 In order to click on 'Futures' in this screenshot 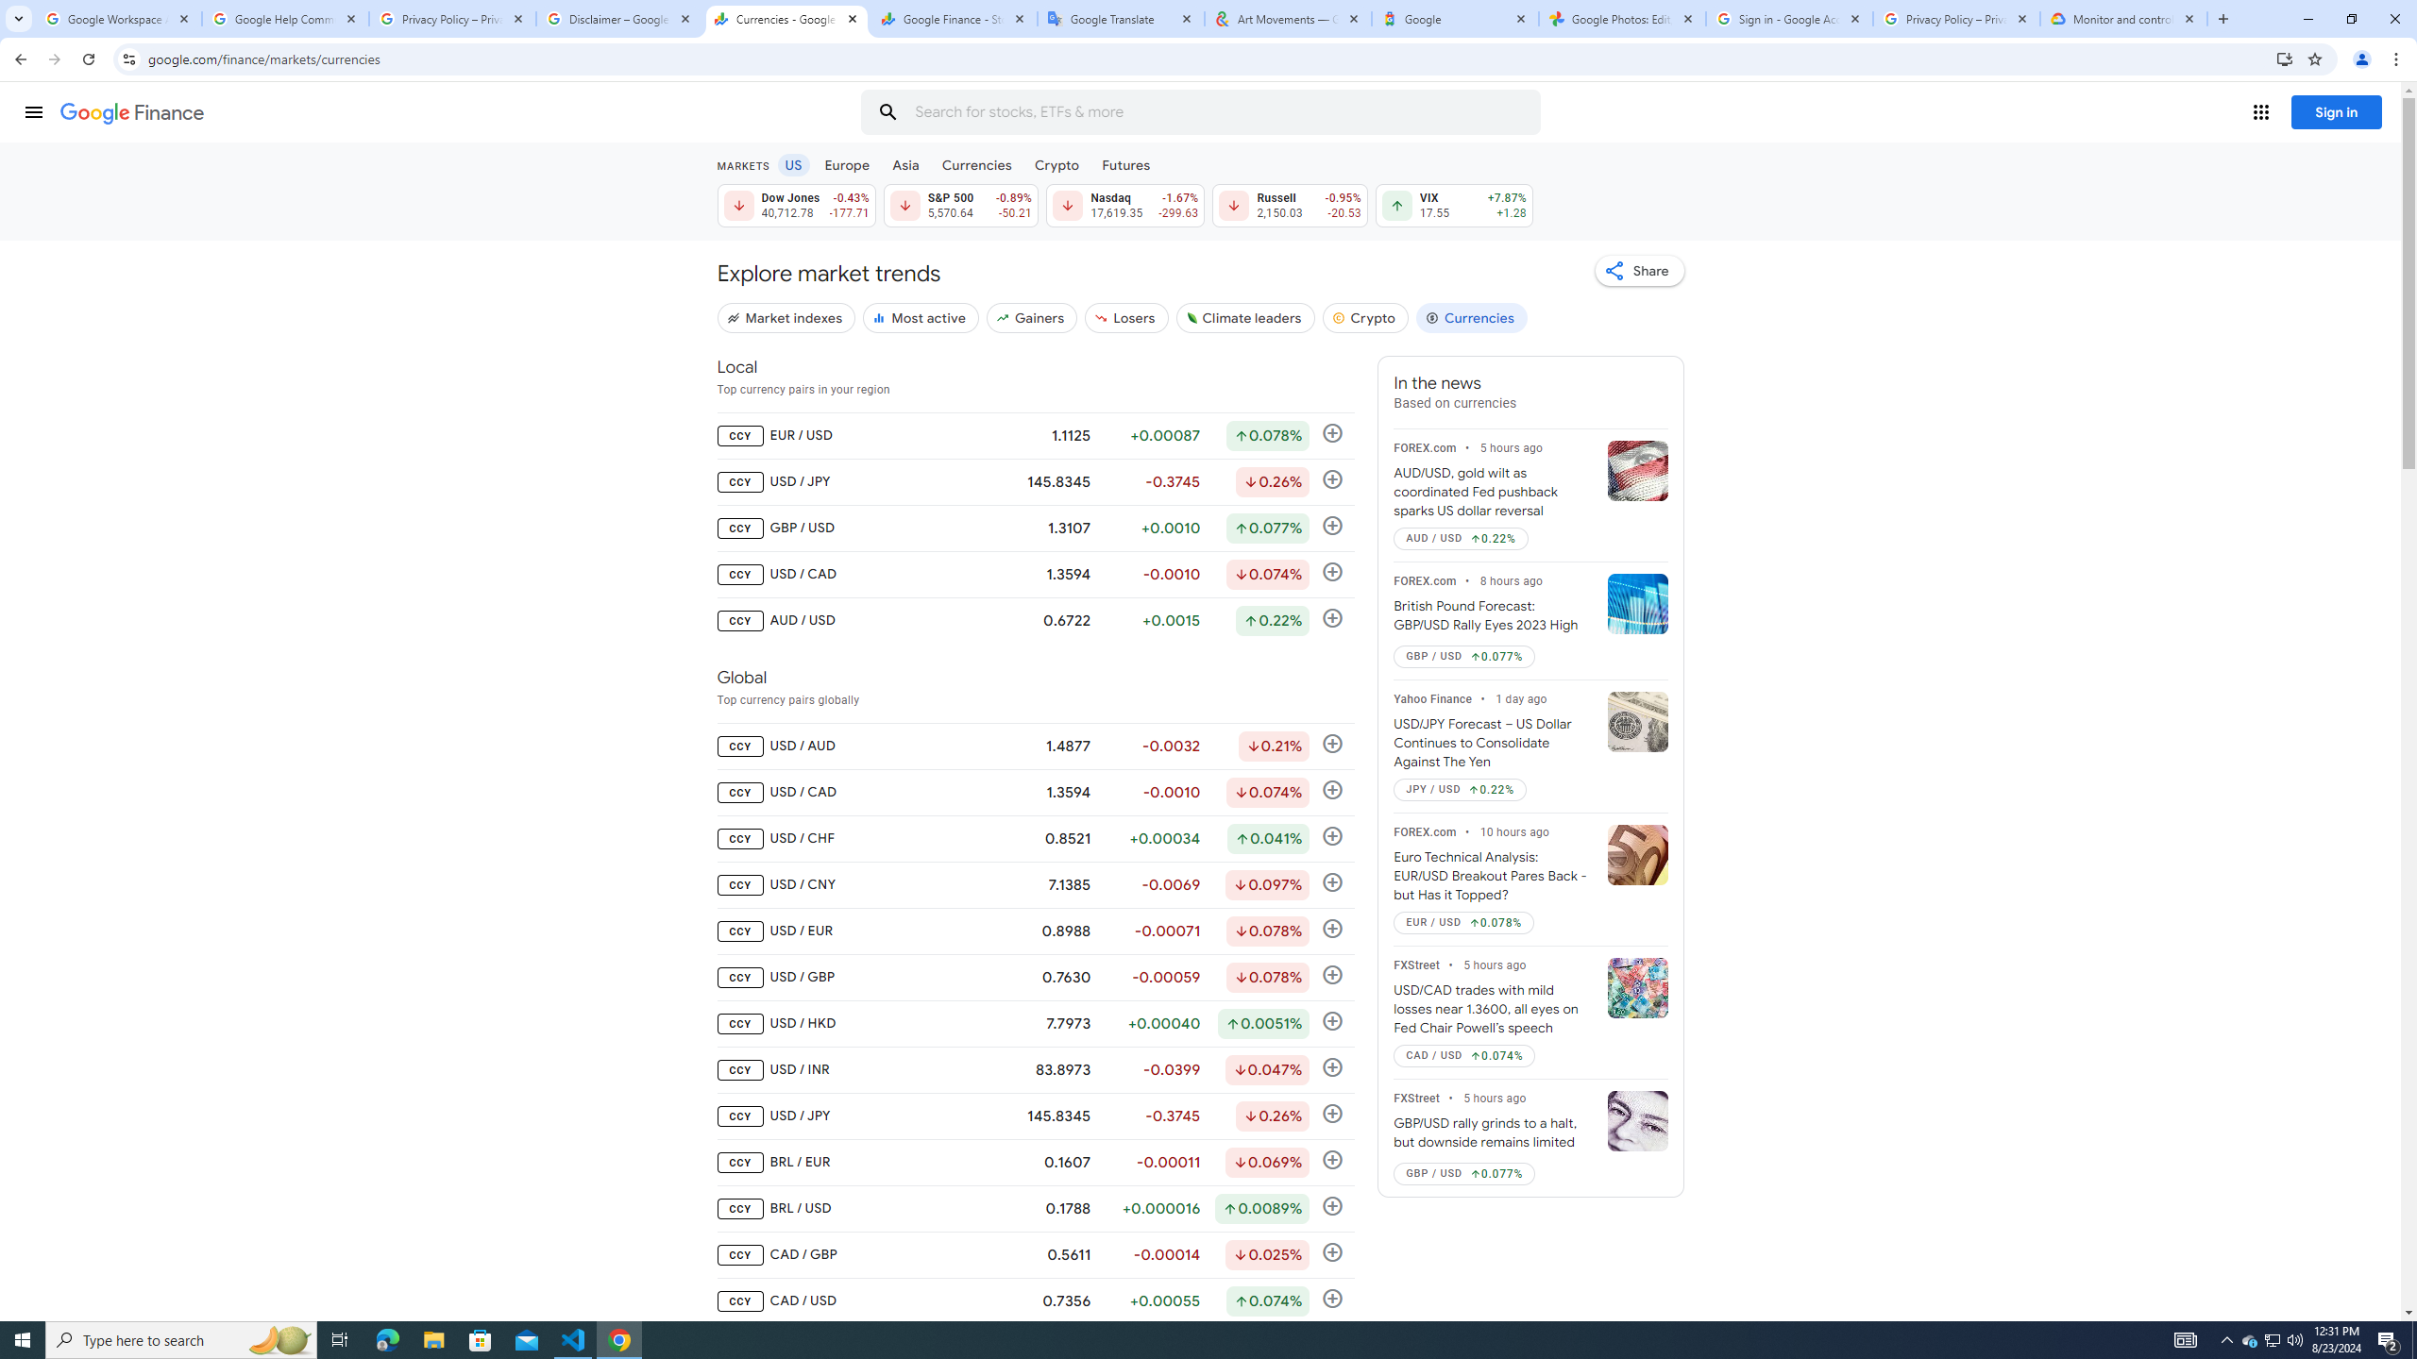, I will do `click(1124, 163)`.